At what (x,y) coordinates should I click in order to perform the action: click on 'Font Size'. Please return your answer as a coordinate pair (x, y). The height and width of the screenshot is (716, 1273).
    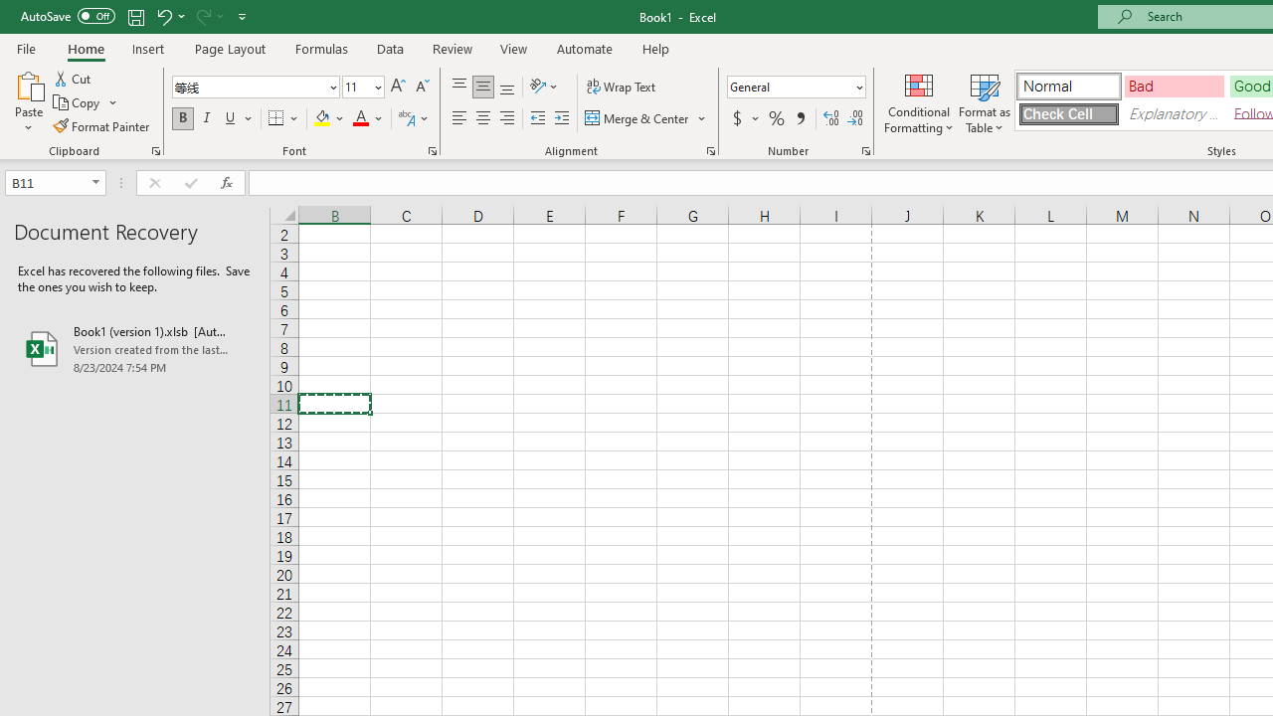
    Looking at the image, I should click on (363, 86).